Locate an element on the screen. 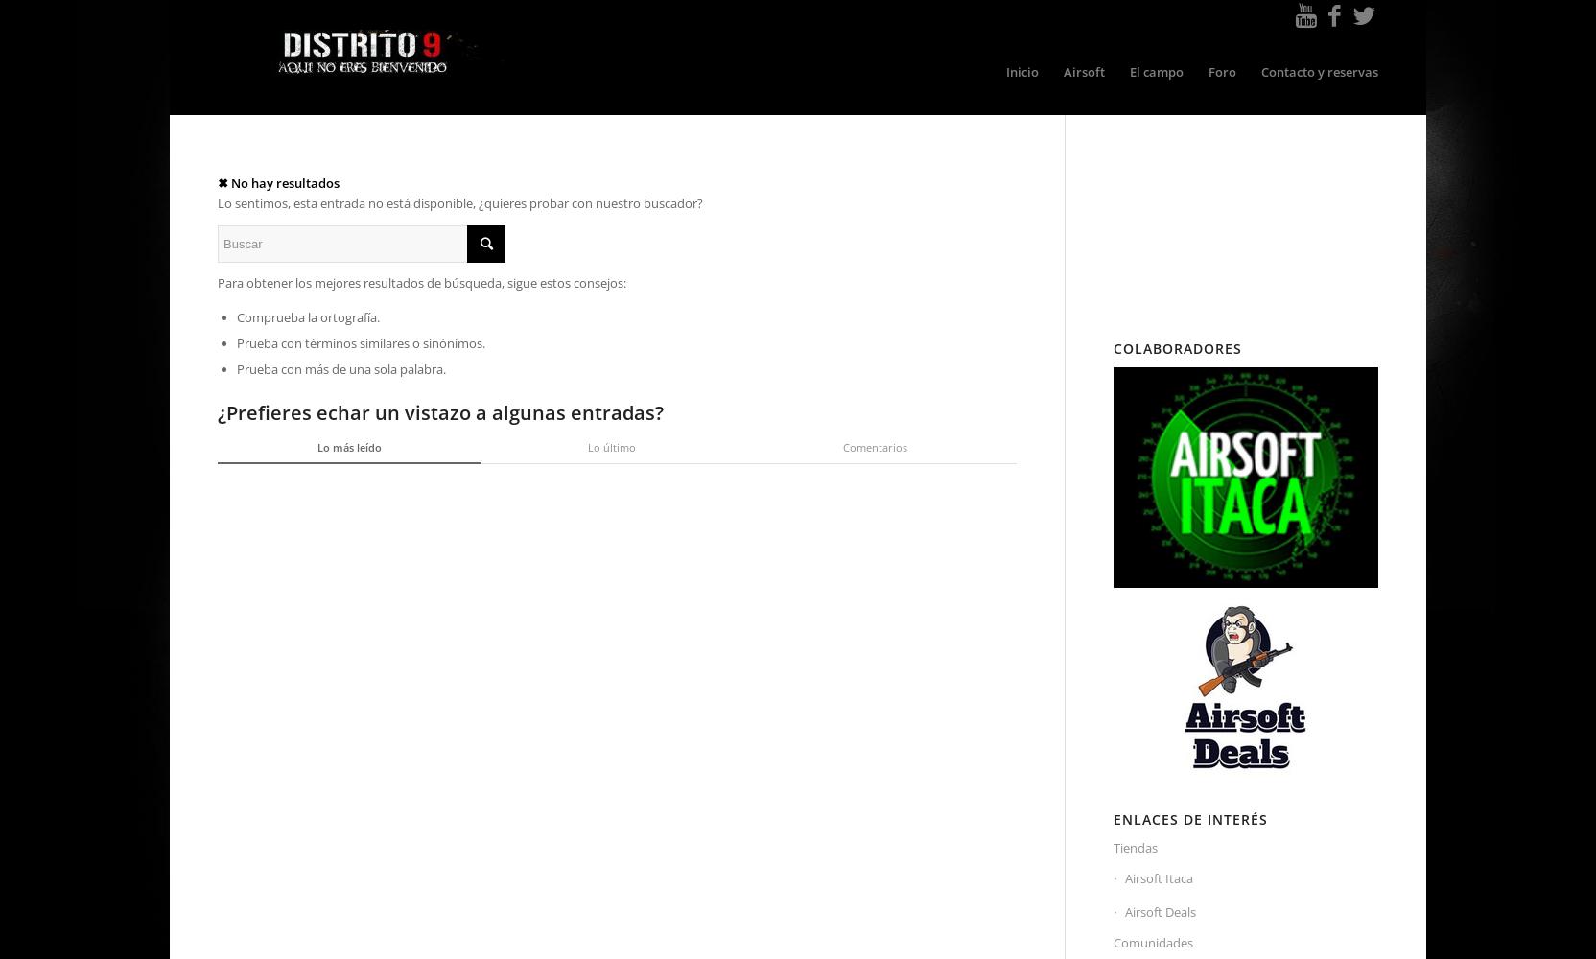  'Prueba con términos similares o sinónimos.' is located at coordinates (236, 341).